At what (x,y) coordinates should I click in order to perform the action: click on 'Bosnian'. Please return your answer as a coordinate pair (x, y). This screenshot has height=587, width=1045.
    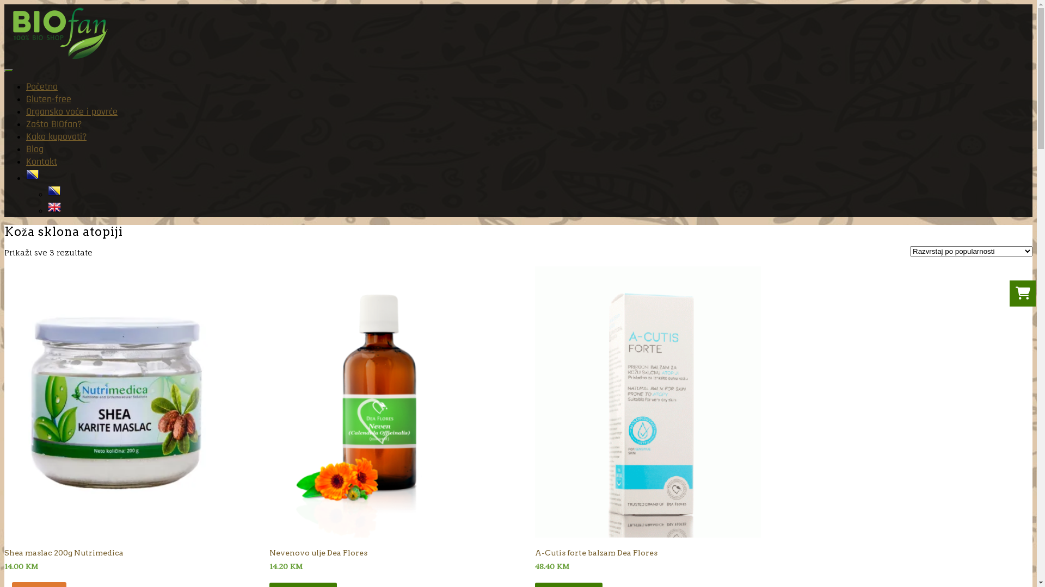
    Looking at the image, I should click on (32, 177).